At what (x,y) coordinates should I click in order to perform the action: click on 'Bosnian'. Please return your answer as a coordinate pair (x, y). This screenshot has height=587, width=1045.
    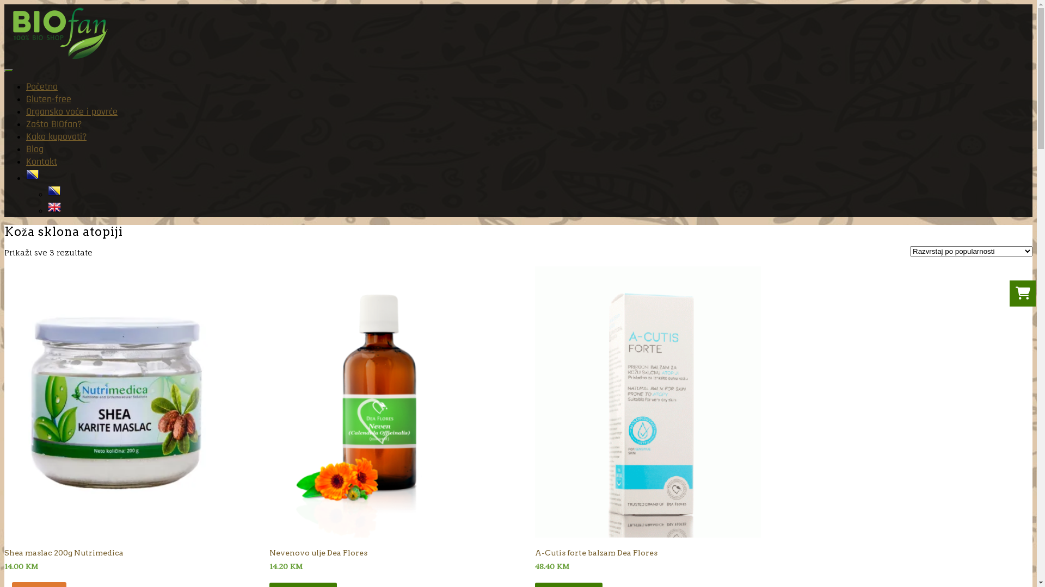
    Looking at the image, I should click on (32, 177).